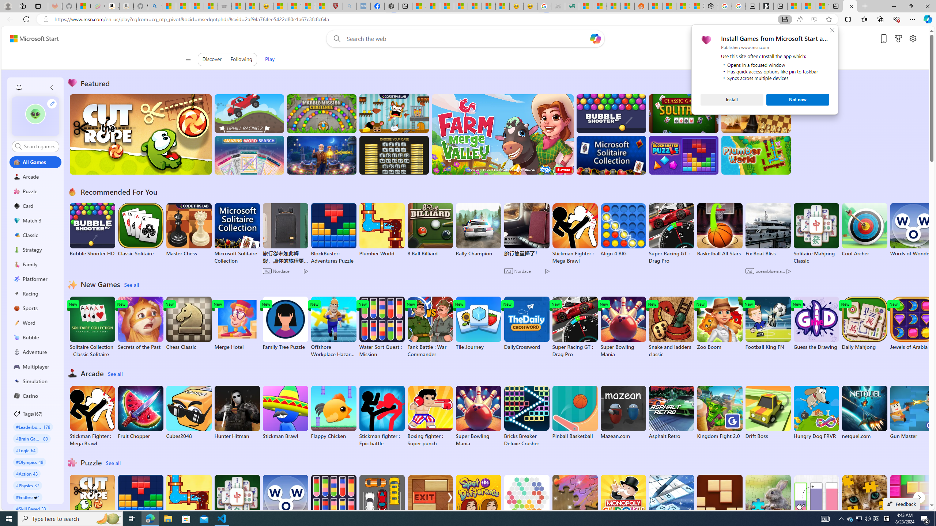  I want to click on 'Master Chess', so click(188, 230).